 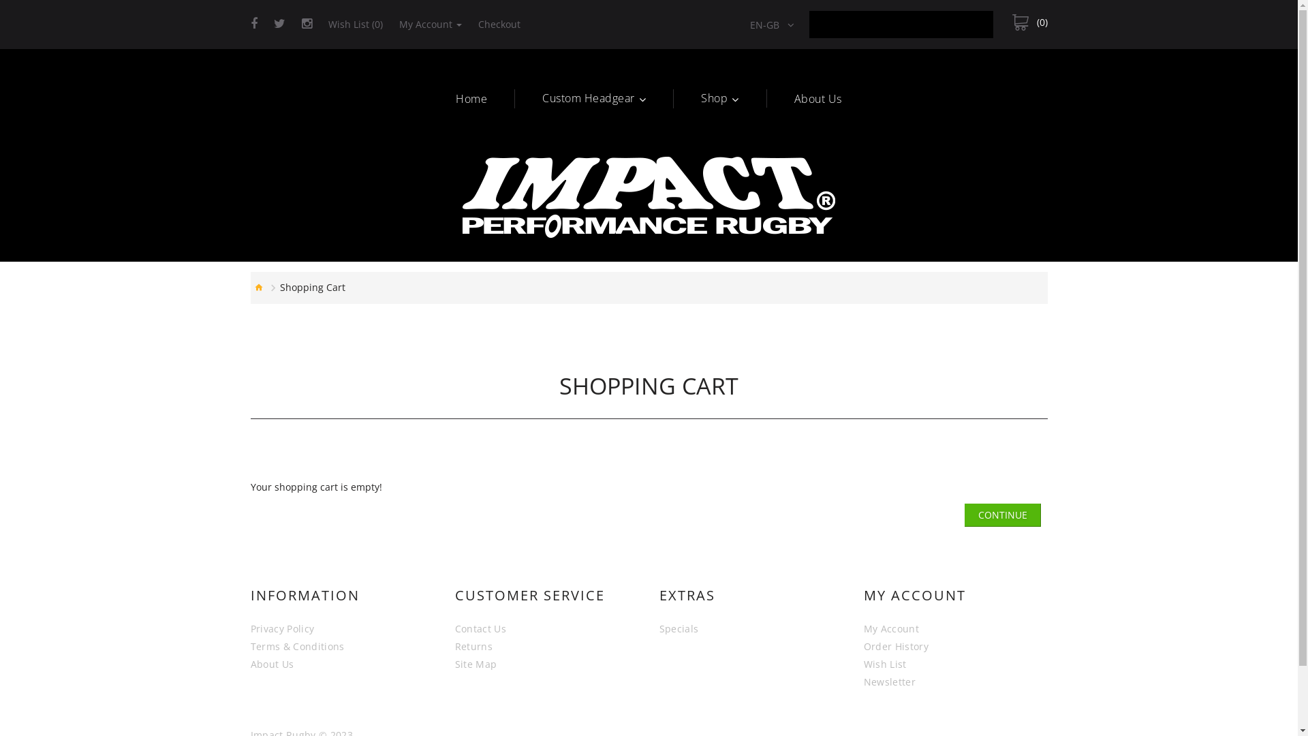 What do you see at coordinates (1003, 515) in the screenshot?
I see `'CONTINUE'` at bounding box center [1003, 515].